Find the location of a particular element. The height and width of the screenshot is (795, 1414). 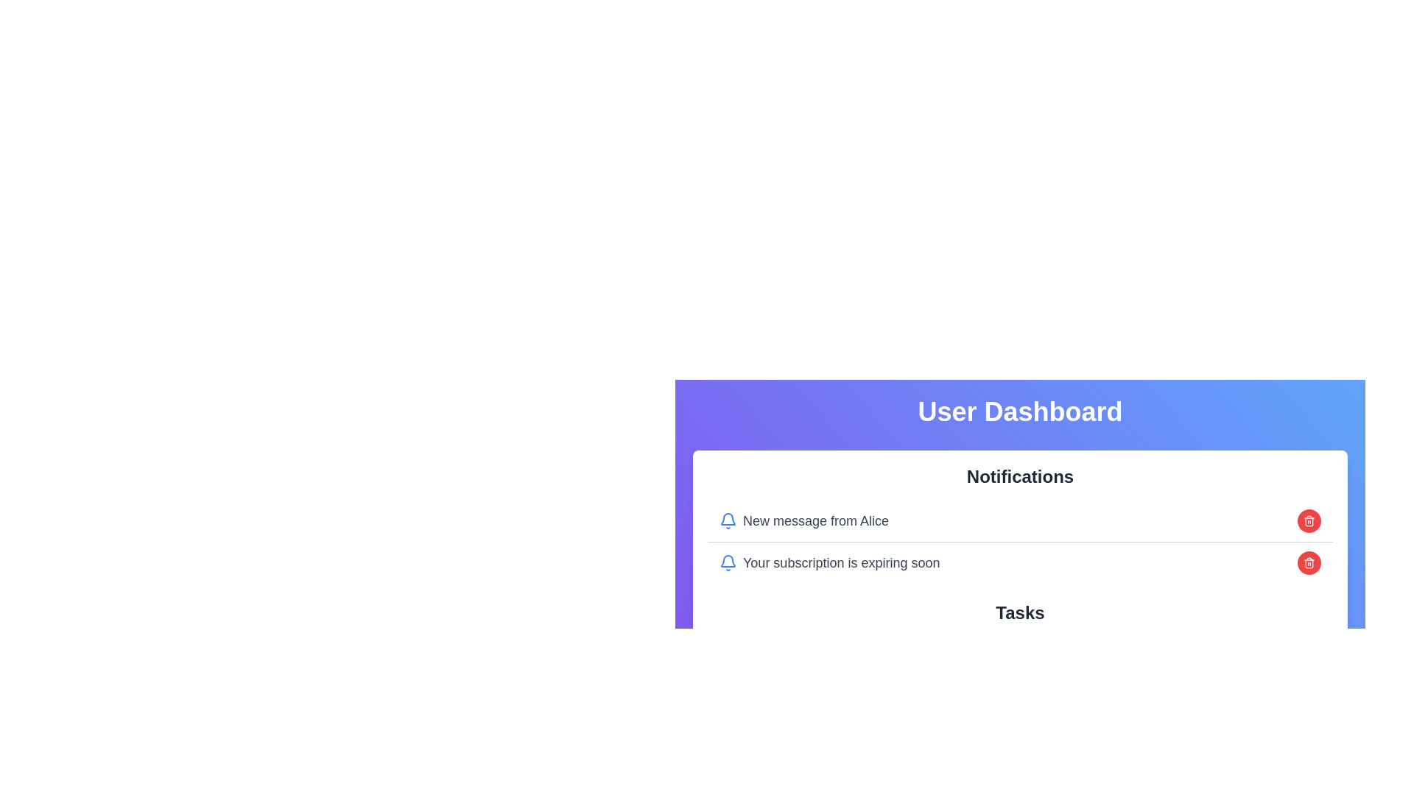

the second notification message about imminent subscription expiration located under 'New message from Alice' in the Notifications section is located at coordinates (829, 562).